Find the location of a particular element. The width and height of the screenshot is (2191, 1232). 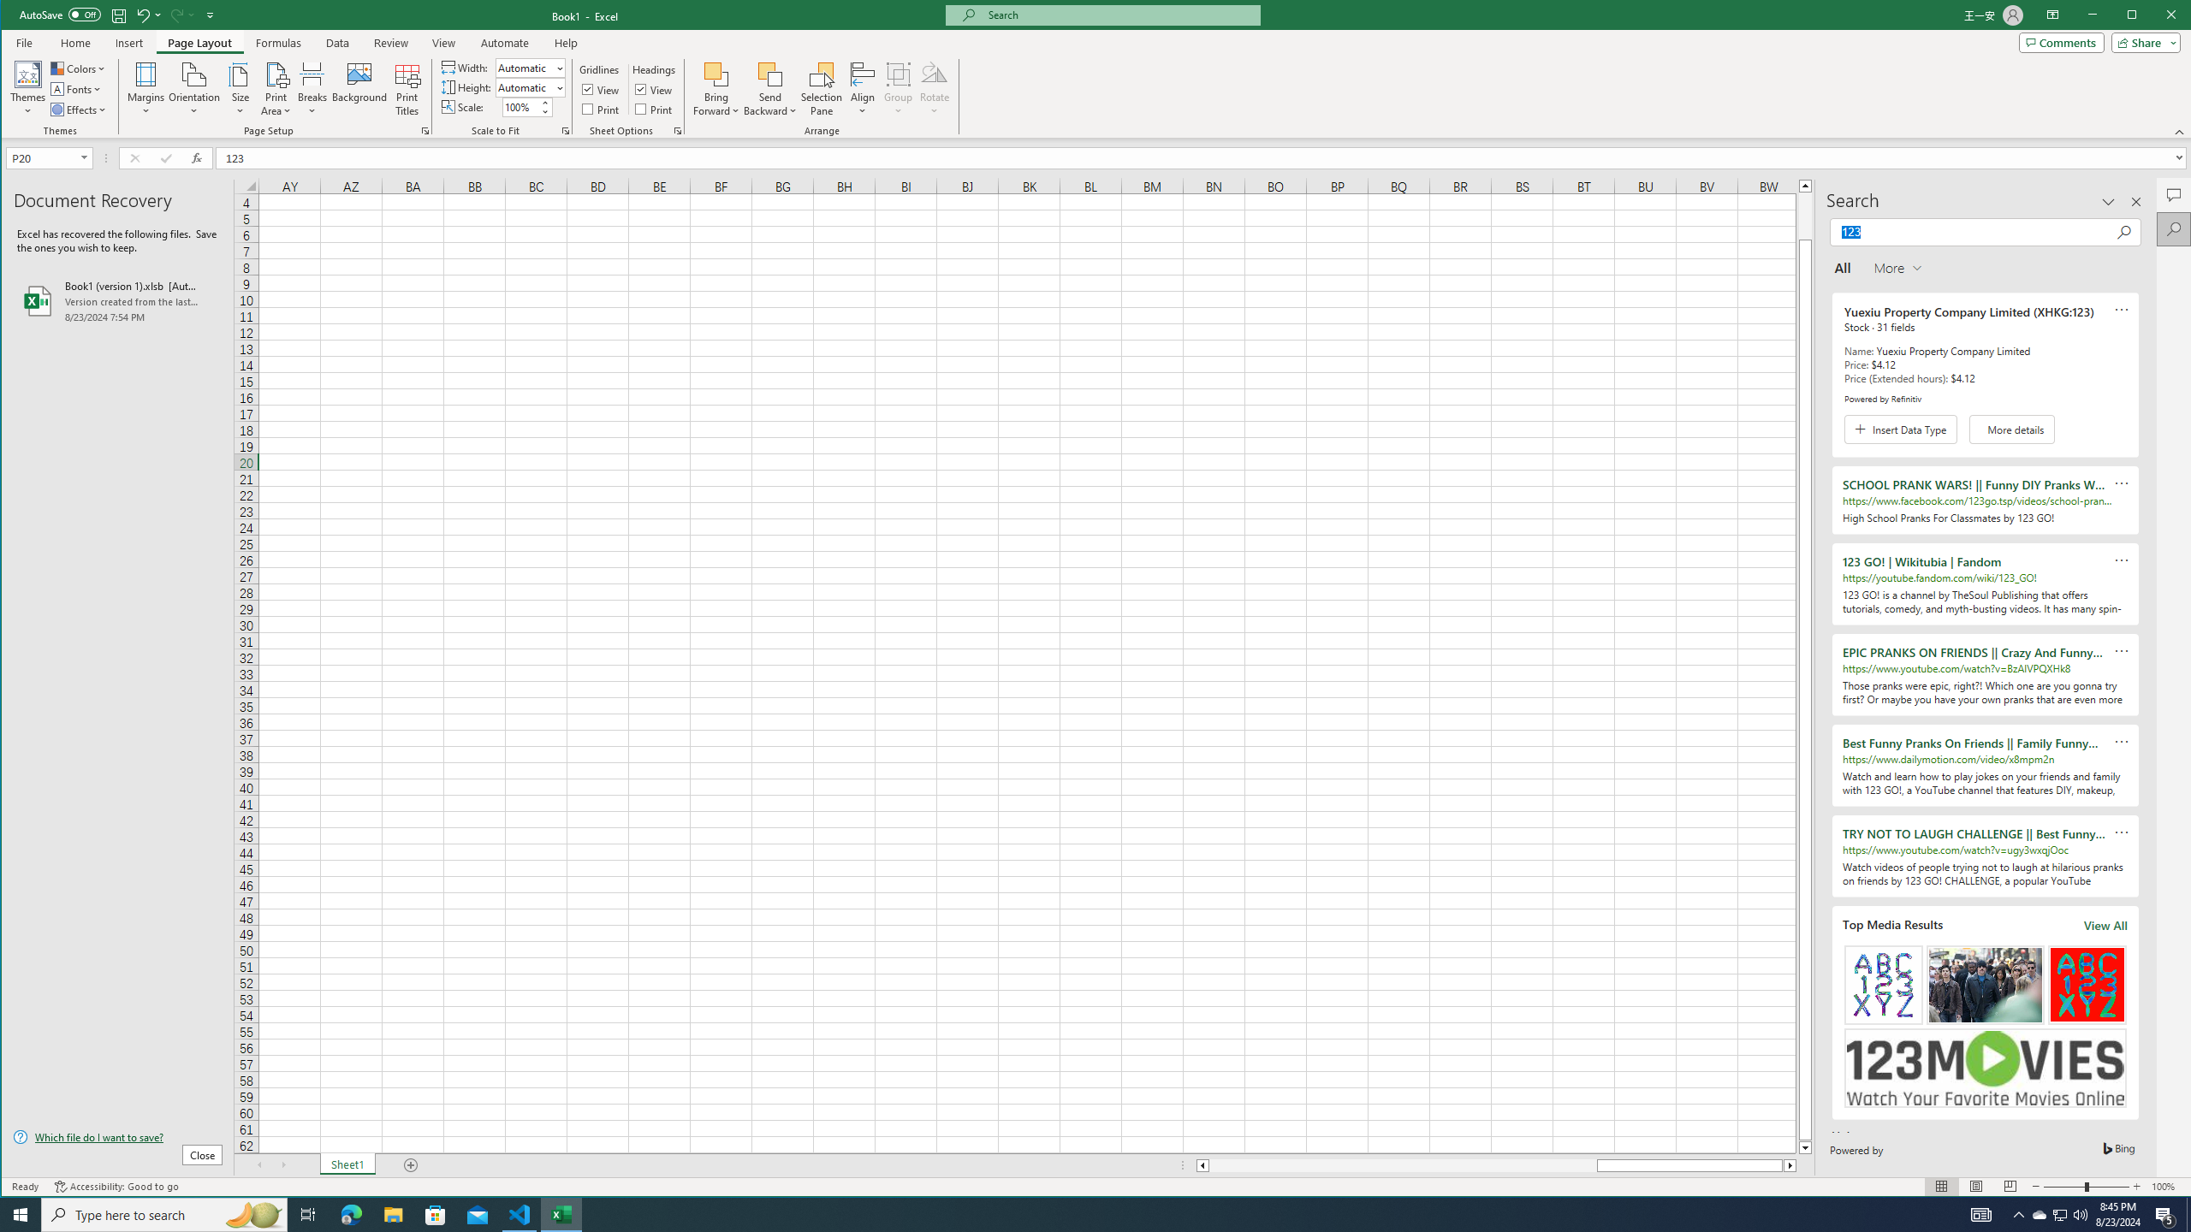

'User Promoted Notification Area' is located at coordinates (2058, 1213).